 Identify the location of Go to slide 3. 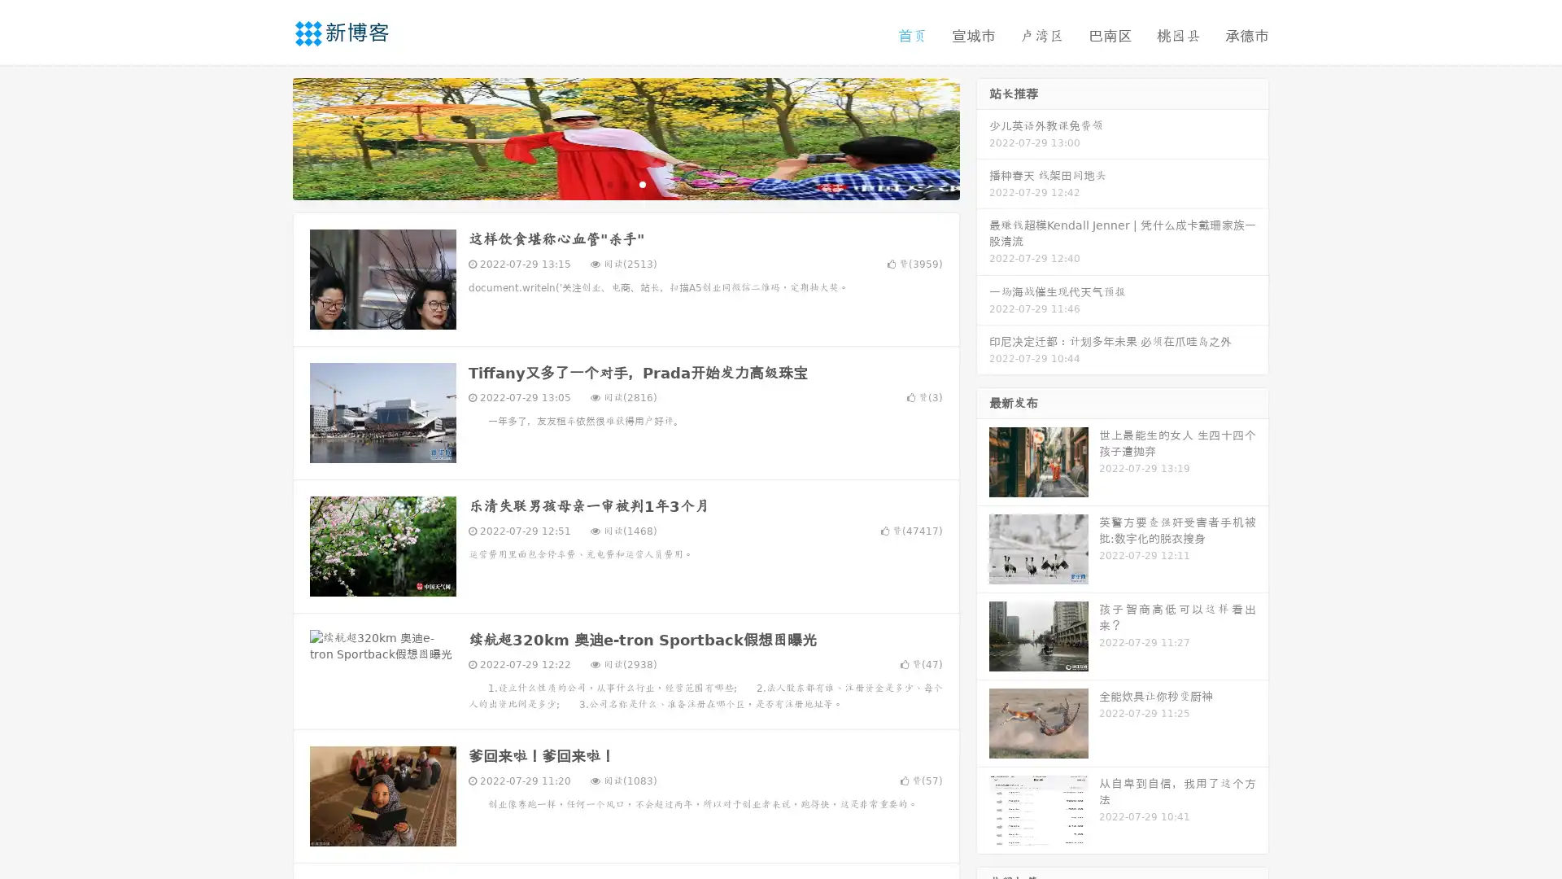
(642, 183).